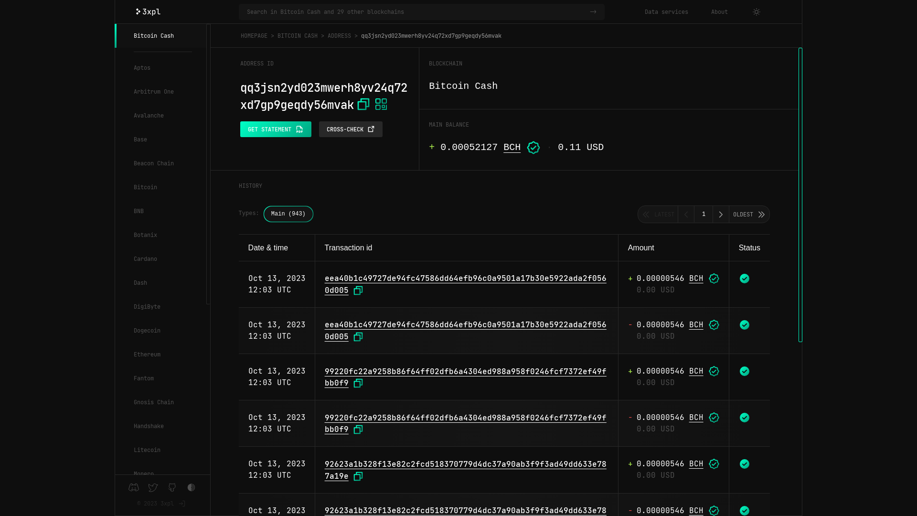  Describe the element at coordinates (595, 11) in the screenshot. I see `'->'` at that location.